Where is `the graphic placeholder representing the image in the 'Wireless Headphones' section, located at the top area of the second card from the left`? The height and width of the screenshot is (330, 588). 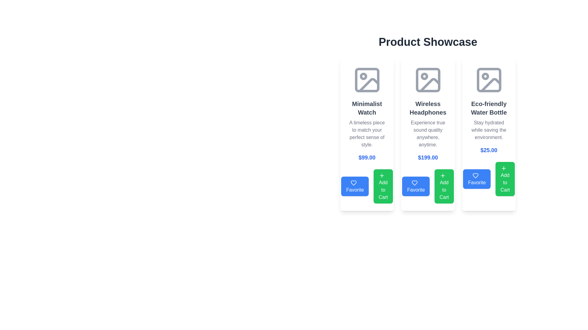 the graphic placeholder representing the image in the 'Wireless Headphones' section, located at the top area of the second card from the left is located at coordinates (428, 80).